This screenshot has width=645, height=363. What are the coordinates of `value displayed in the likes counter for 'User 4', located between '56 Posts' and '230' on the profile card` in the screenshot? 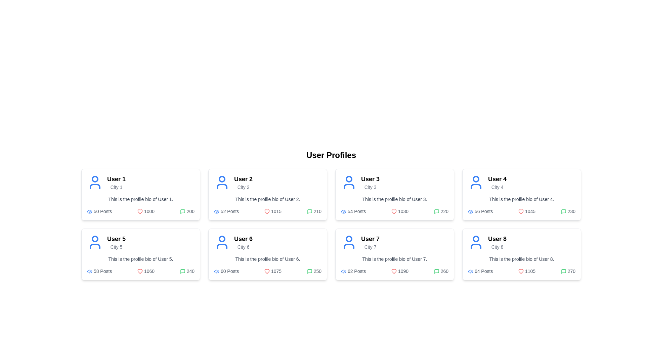 It's located at (526, 211).